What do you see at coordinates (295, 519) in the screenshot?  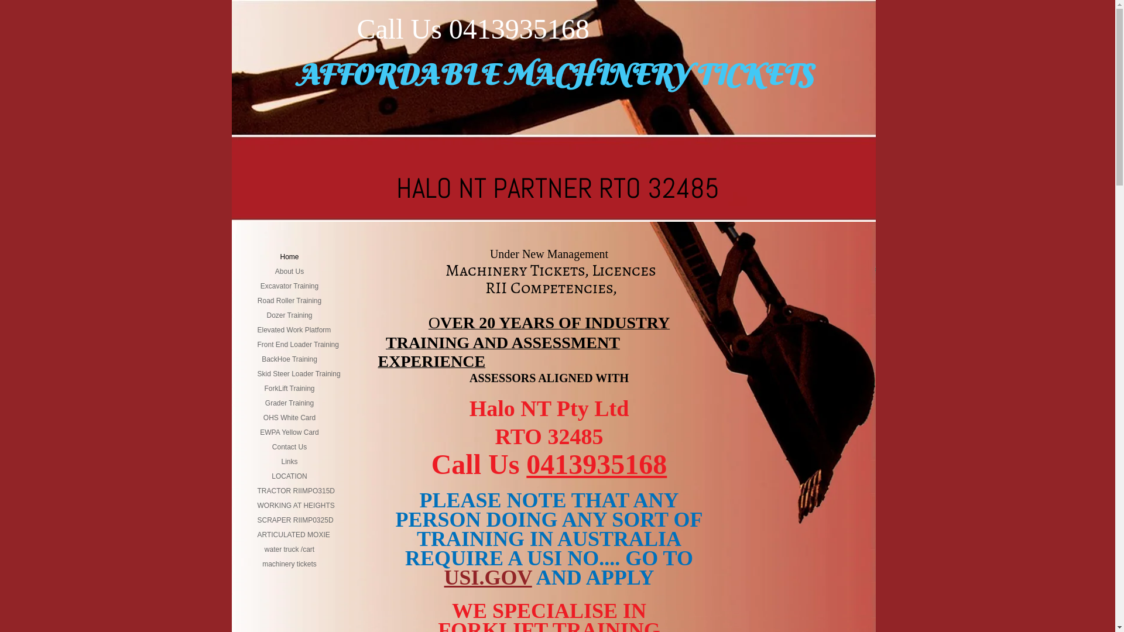 I see `'SCRAPER RIIMP0325D'` at bounding box center [295, 519].